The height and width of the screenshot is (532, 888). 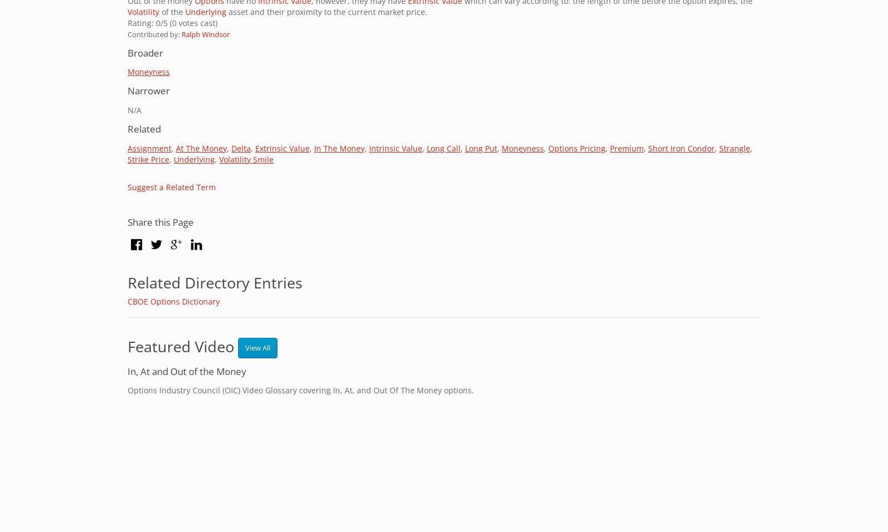 What do you see at coordinates (154, 33) in the screenshot?
I see `'Contributed by:'` at bounding box center [154, 33].